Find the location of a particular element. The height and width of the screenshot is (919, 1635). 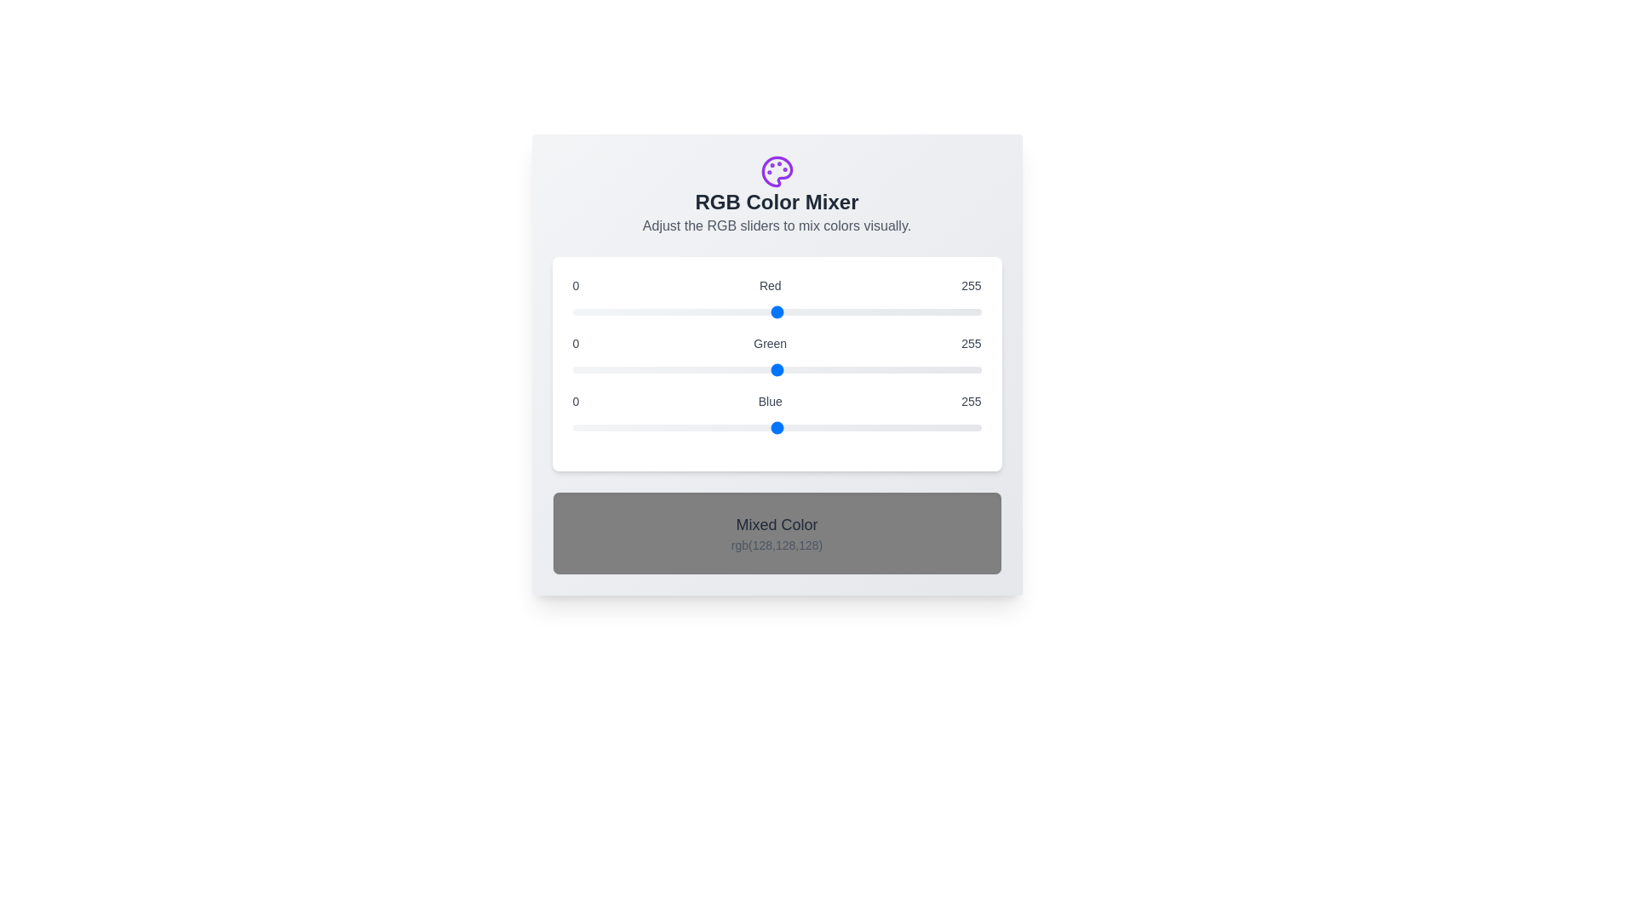

the 1 slider to the value 209 to observe the resulting mixed color is located at coordinates (776, 369).